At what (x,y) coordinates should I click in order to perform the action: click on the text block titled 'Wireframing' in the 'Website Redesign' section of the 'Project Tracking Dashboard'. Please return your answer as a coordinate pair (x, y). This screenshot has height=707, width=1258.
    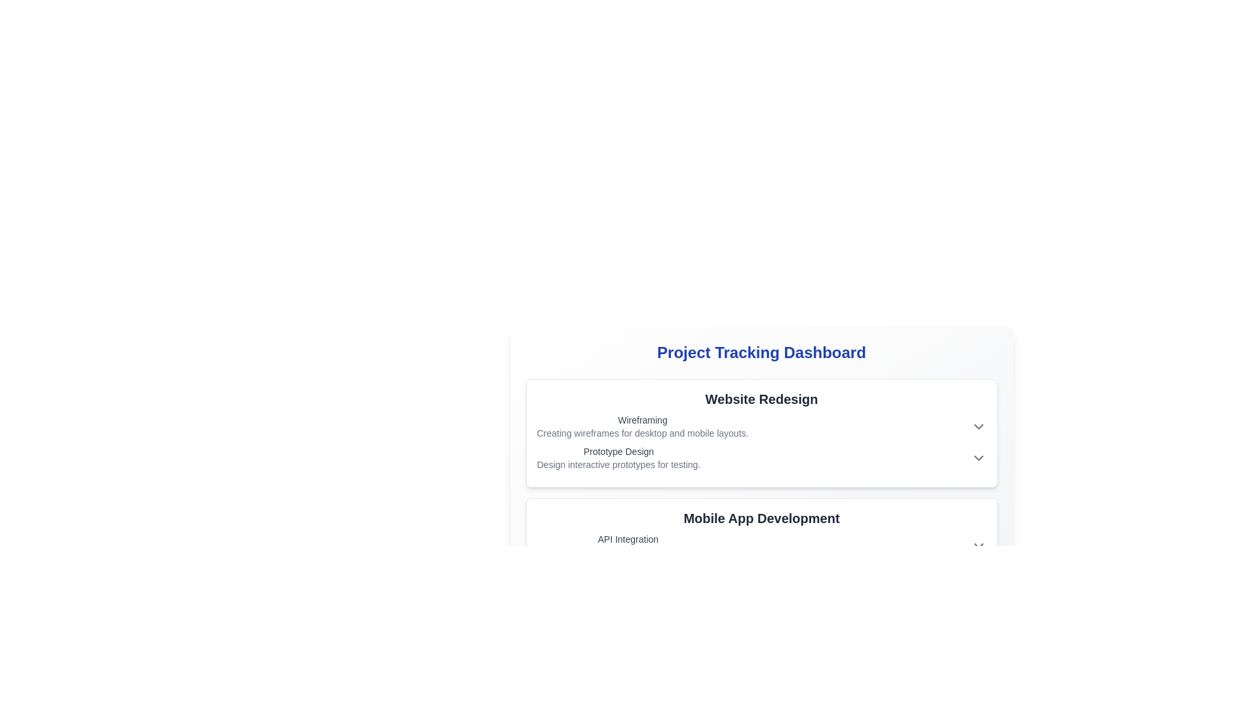
    Looking at the image, I should click on (642, 426).